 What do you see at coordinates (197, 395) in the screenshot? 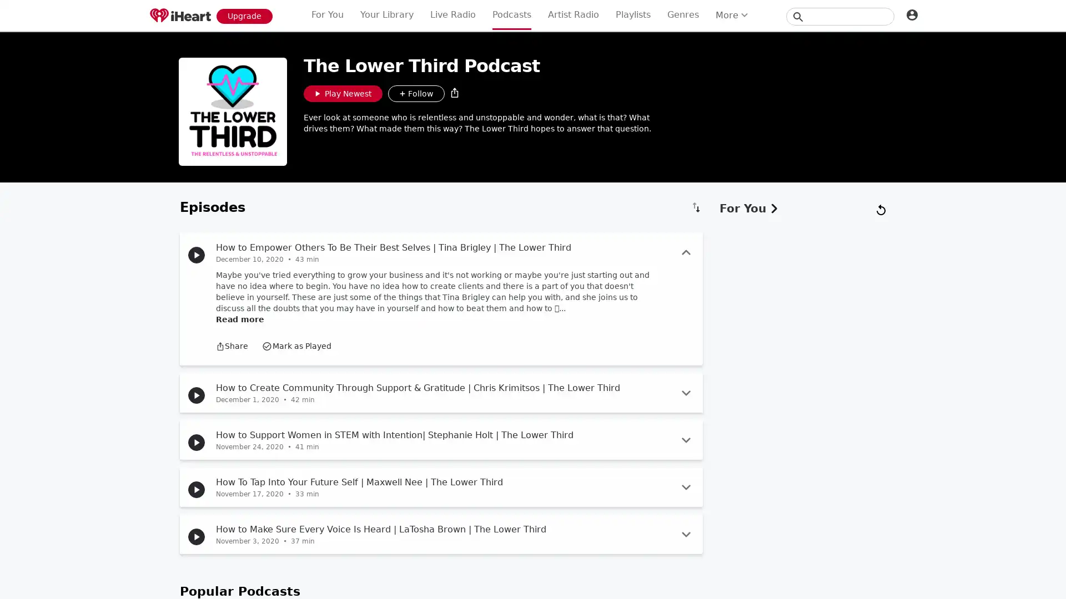
I see `Play` at bounding box center [197, 395].